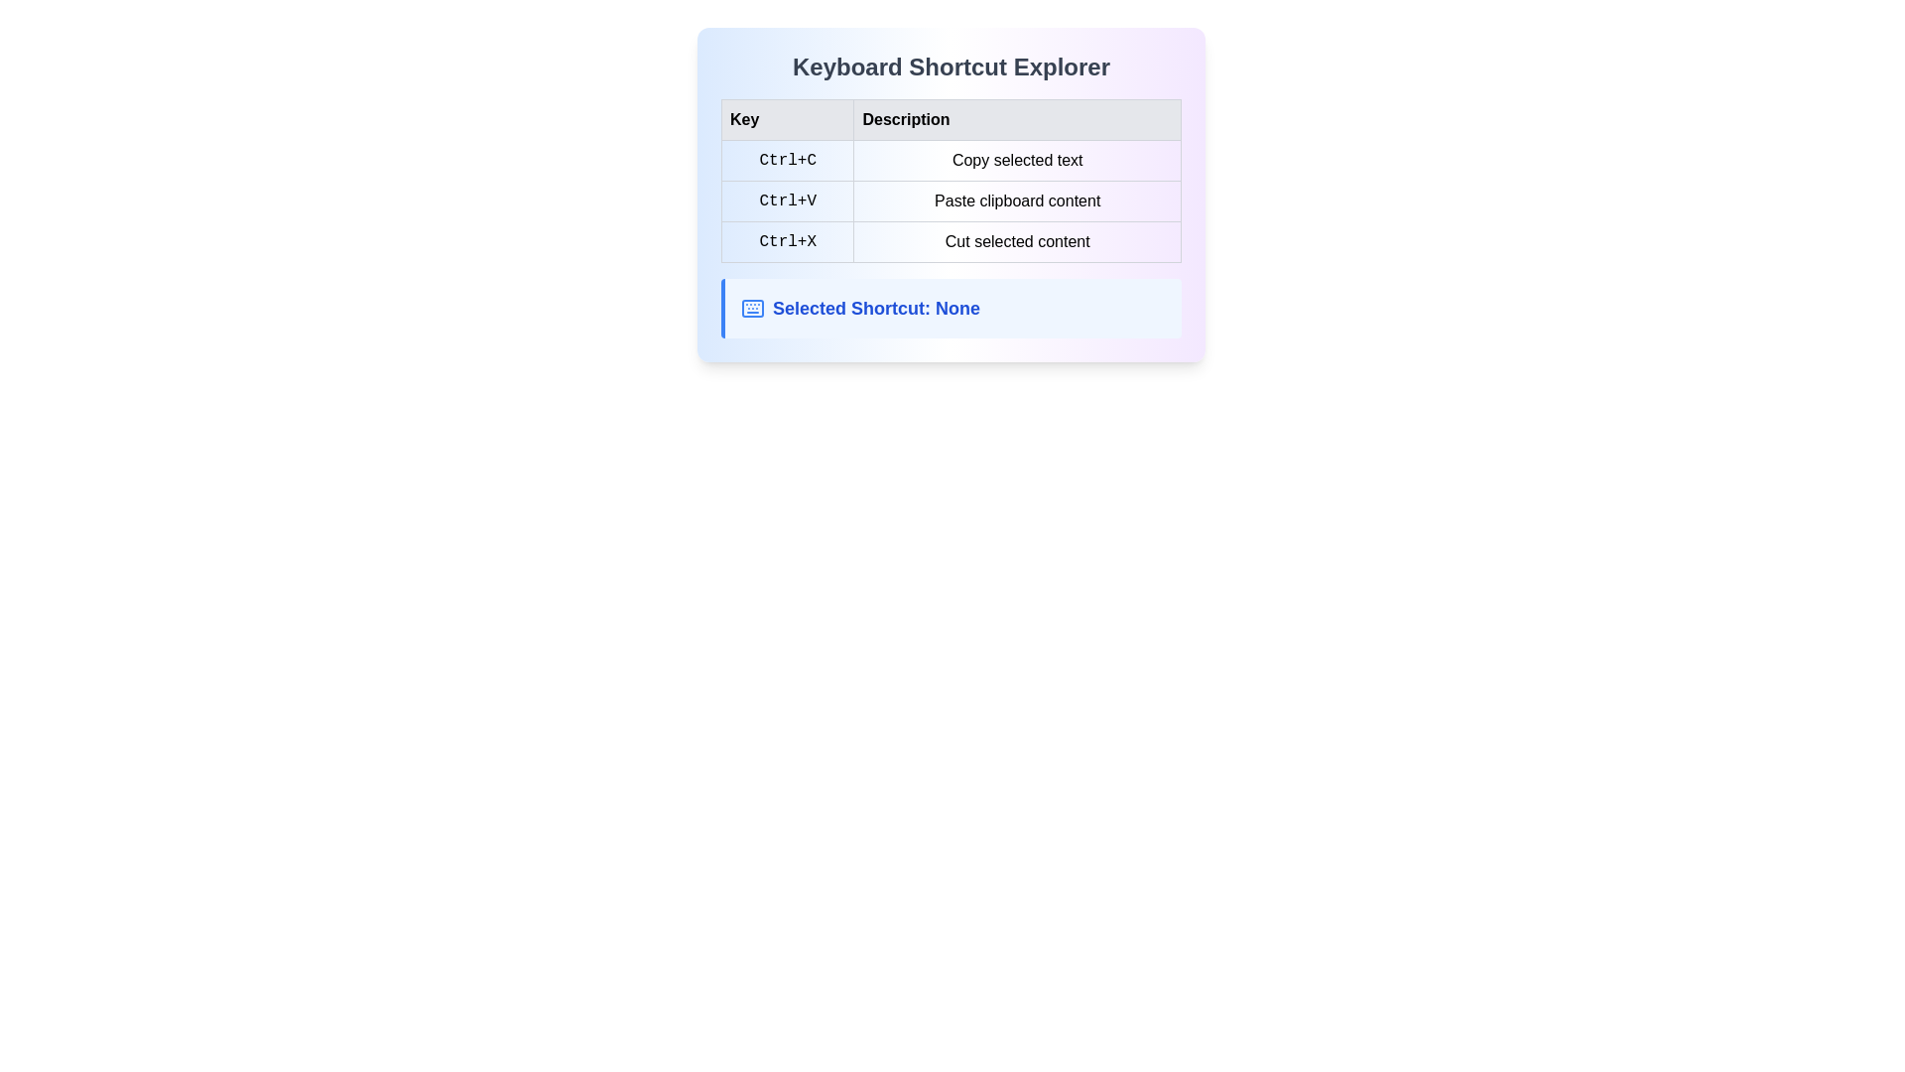 The image size is (1905, 1072). What do you see at coordinates (951, 240) in the screenshot?
I see `the third row in the table that provides information on the keyboard shortcut 'Ctrl+X'` at bounding box center [951, 240].